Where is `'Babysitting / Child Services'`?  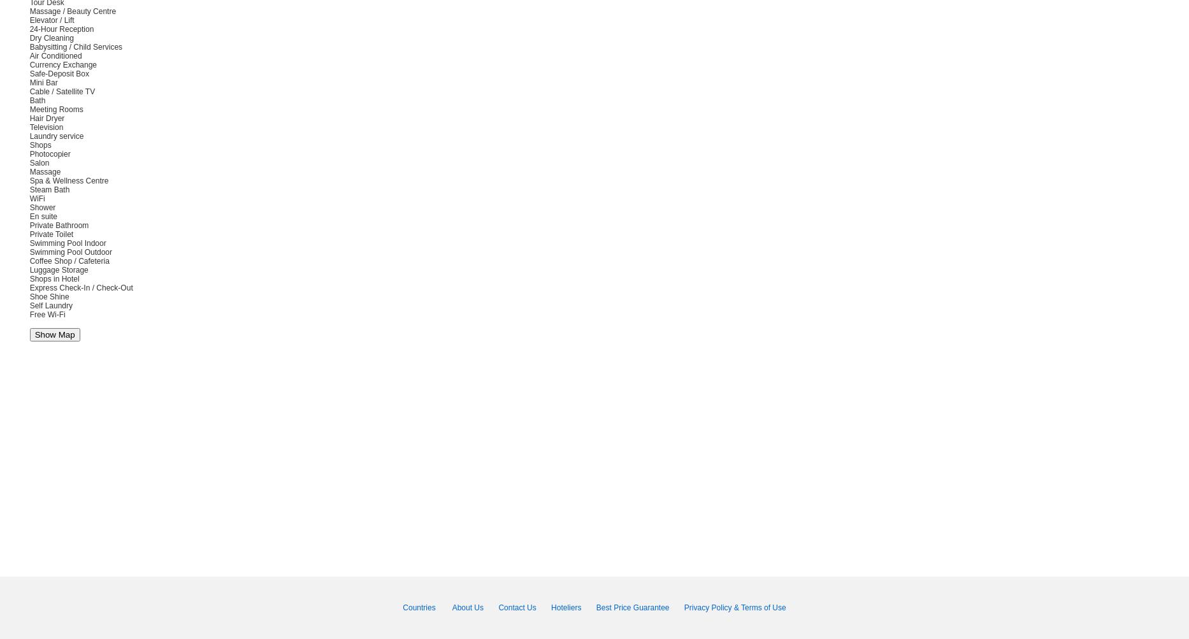 'Babysitting / Child Services' is located at coordinates (75, 47).